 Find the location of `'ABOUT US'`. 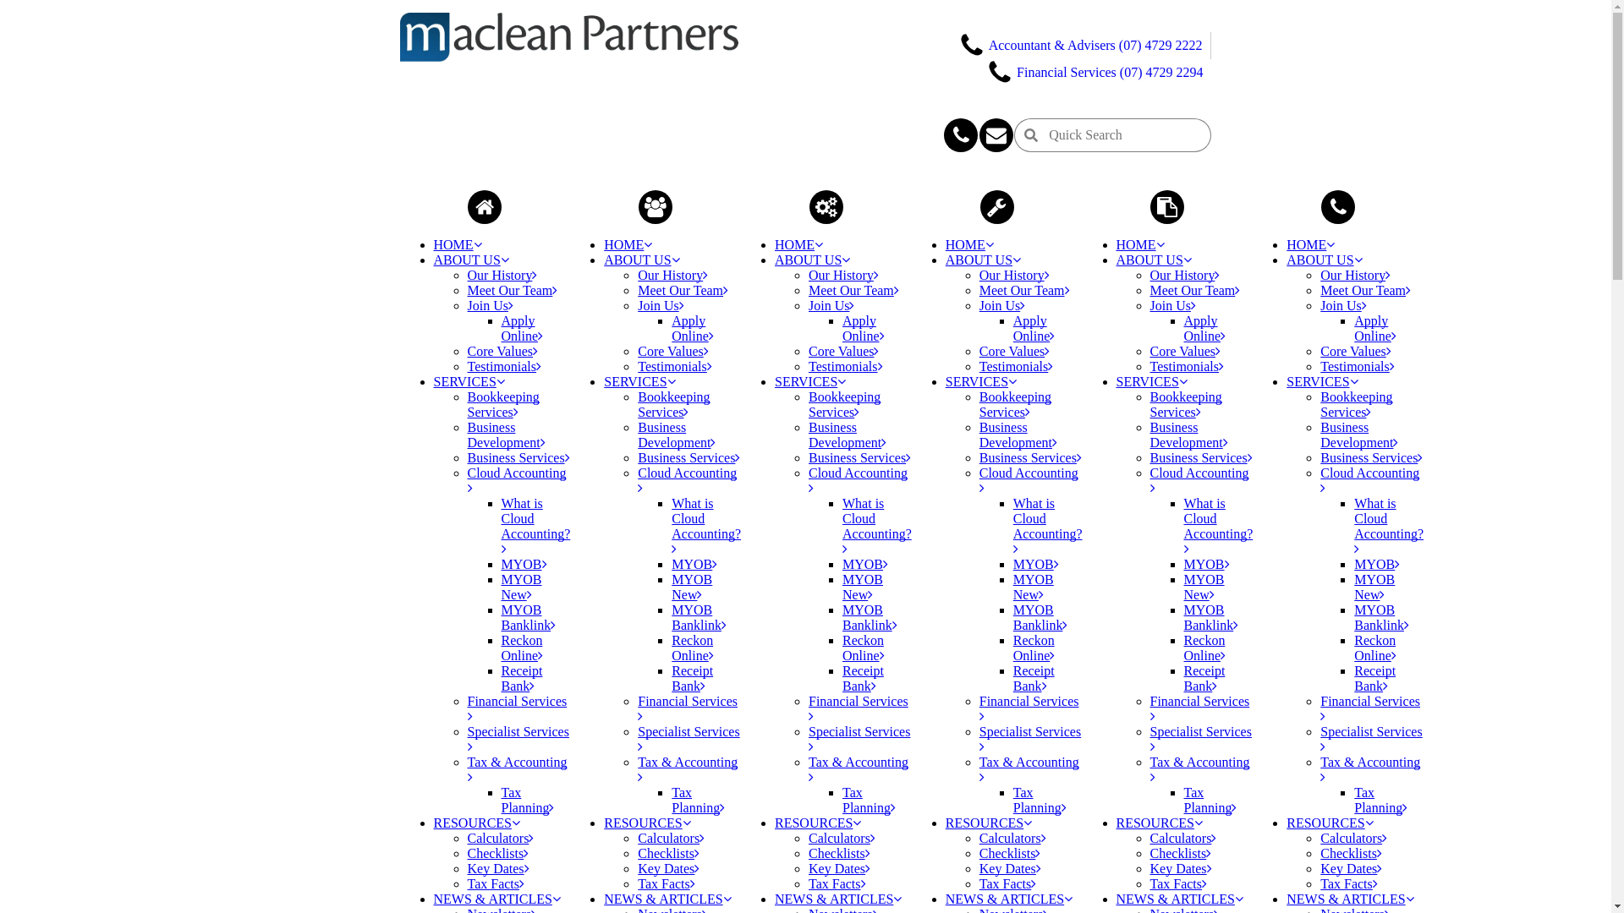

'ABOUT US' is located at coordinates (1323, 260).